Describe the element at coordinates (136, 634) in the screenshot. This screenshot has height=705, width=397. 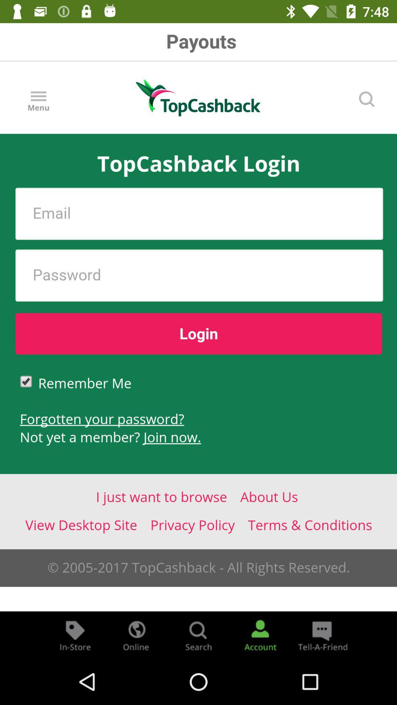
I see `pull up online store` at that location.